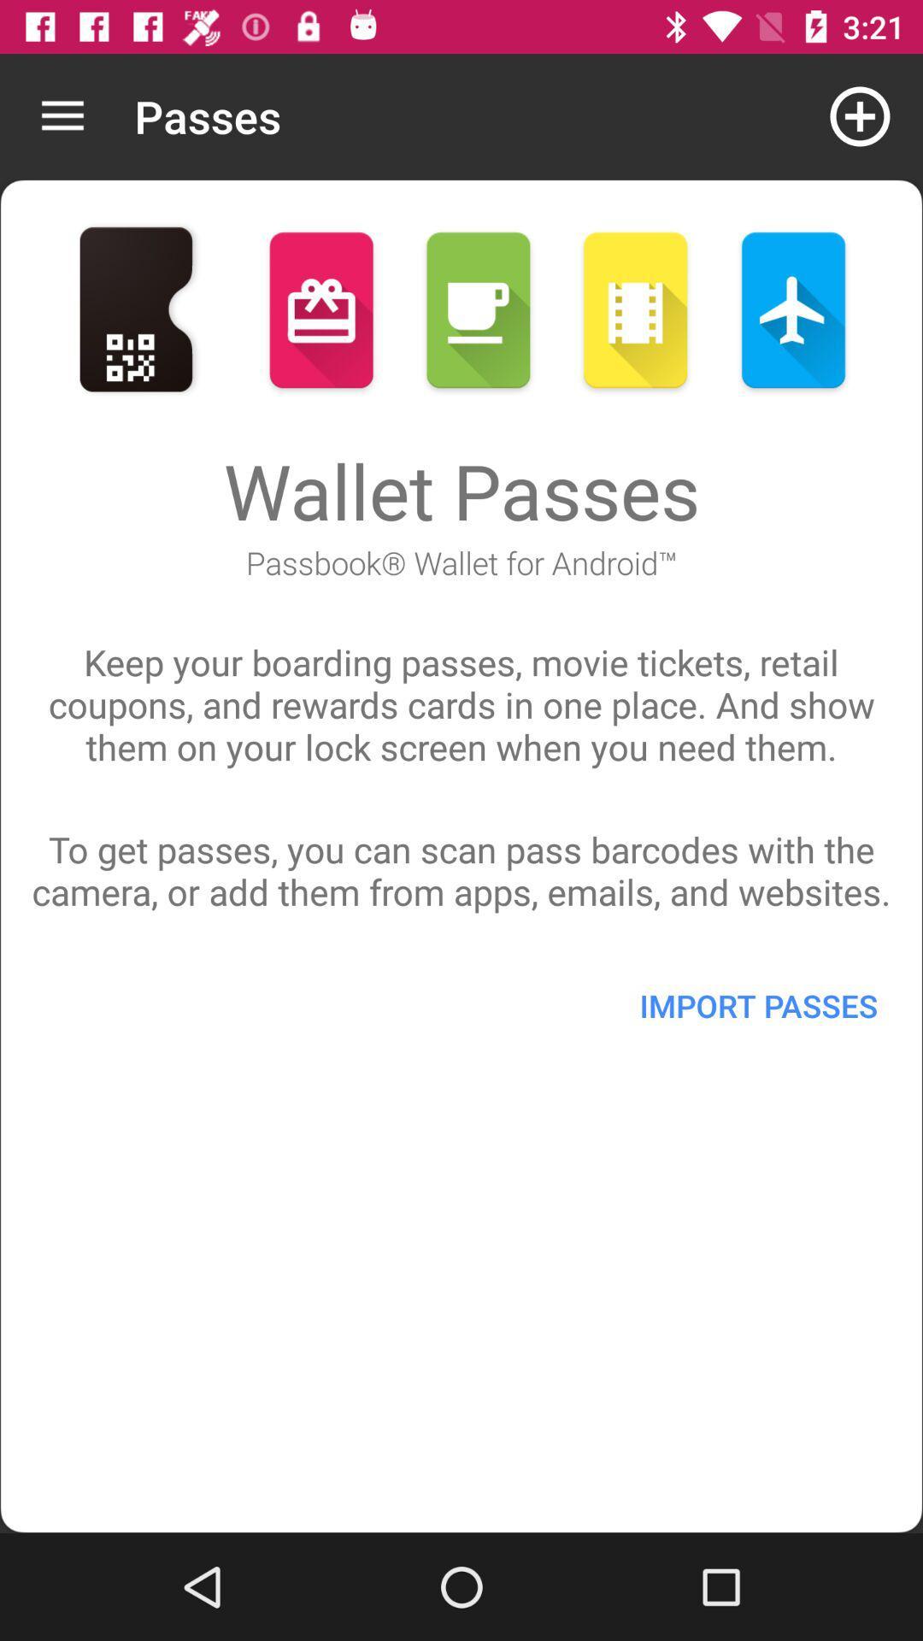  I want to click on the item on the right, so click(757, 1005).